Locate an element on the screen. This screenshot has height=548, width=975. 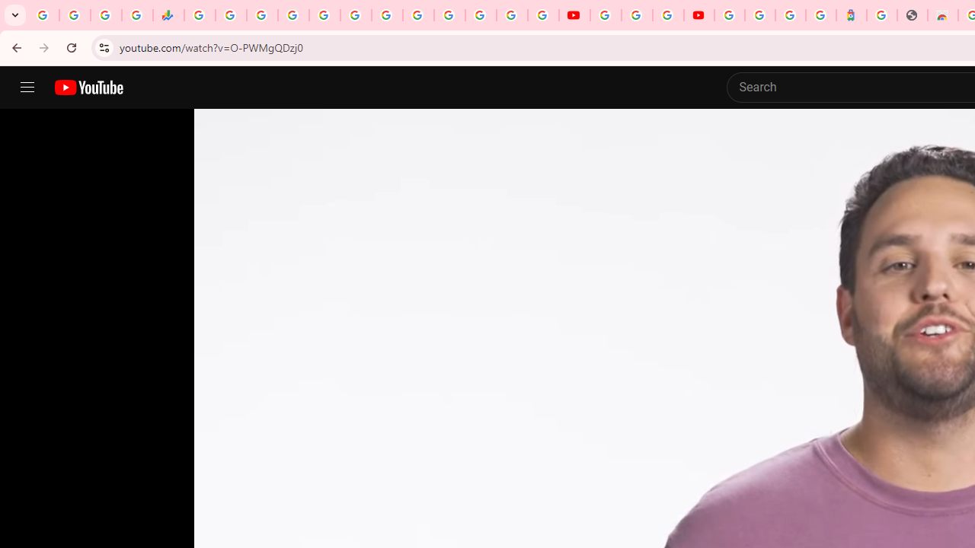
'YouTube' is located at coordinates (573, 15).